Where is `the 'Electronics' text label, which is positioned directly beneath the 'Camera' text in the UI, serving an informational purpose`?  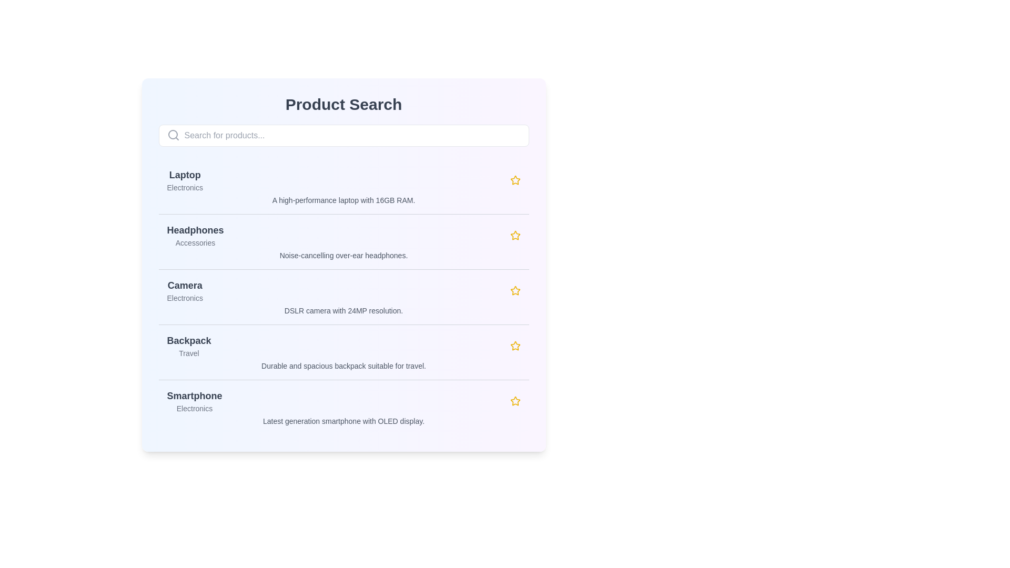 the 'Electronics' text label, which is positioned directly beneath the 'Camera' text in the UI, serving an informational purpose is located at coordinates (185, 298).